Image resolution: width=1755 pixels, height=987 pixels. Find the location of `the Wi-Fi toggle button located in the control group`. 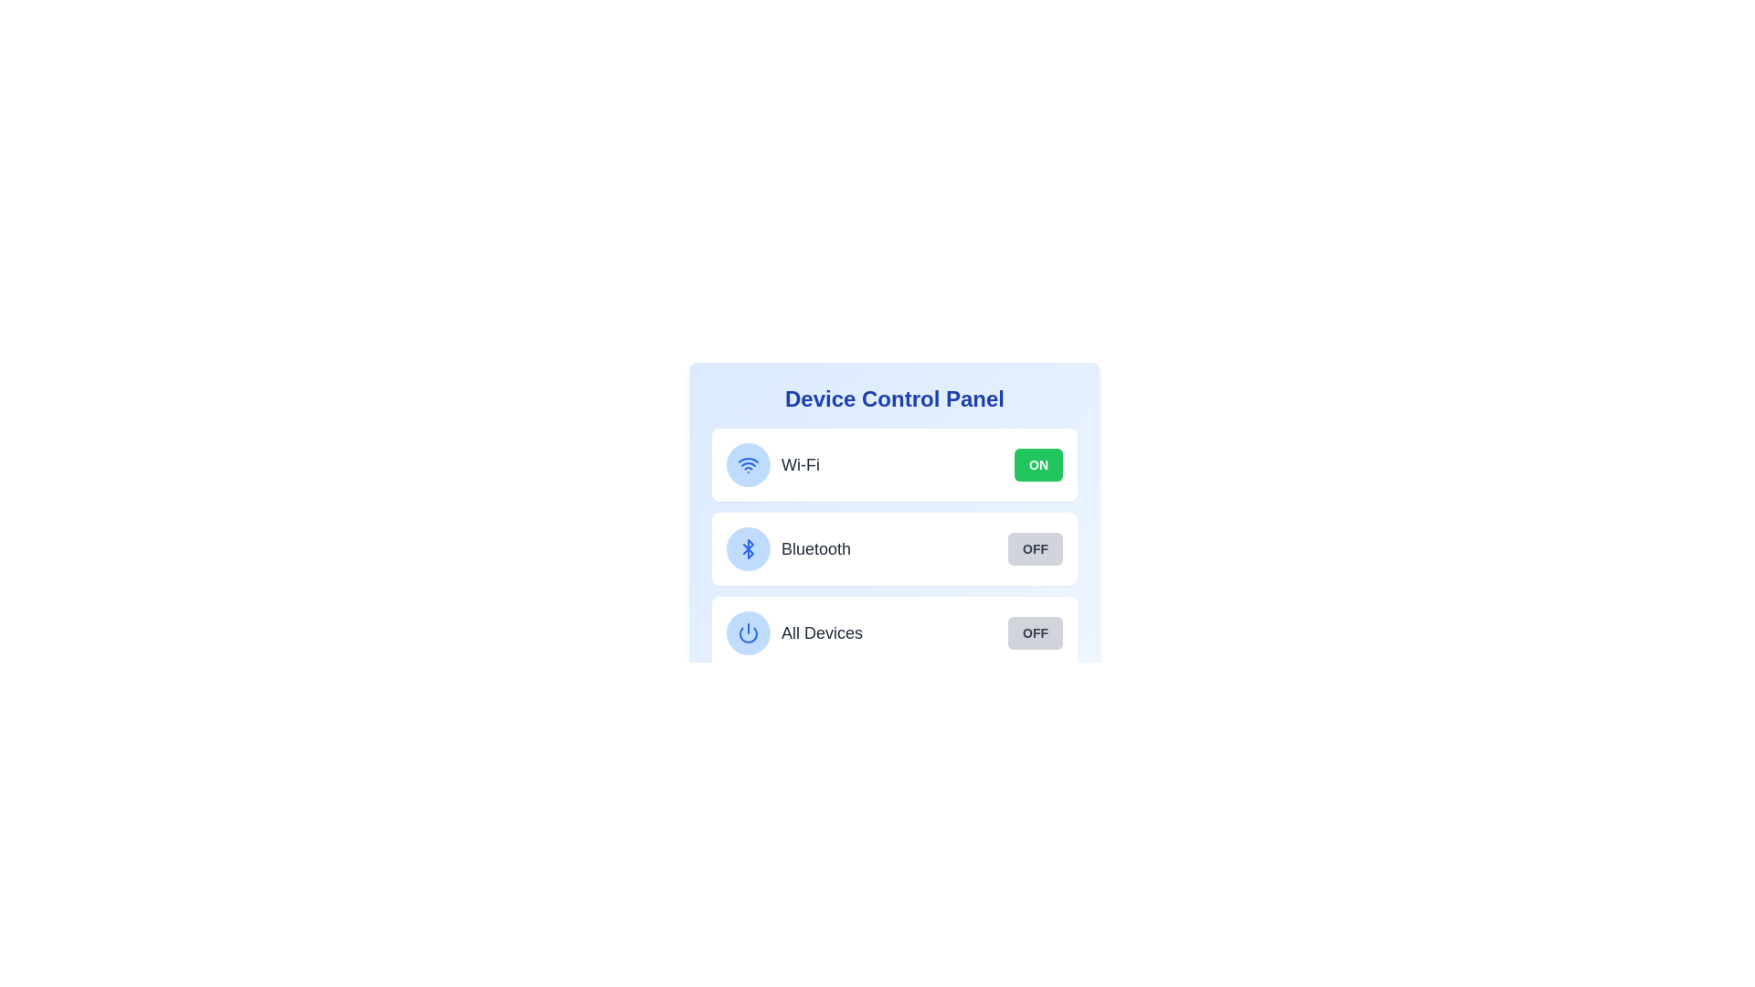

the Wi-Fi toggle button located in the control group is located at coordinates (1038, 464).